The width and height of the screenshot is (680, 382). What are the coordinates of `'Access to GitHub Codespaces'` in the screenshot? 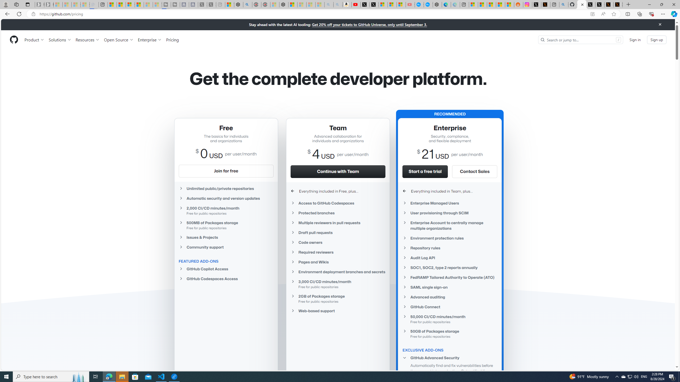 It's located at (338, 203).